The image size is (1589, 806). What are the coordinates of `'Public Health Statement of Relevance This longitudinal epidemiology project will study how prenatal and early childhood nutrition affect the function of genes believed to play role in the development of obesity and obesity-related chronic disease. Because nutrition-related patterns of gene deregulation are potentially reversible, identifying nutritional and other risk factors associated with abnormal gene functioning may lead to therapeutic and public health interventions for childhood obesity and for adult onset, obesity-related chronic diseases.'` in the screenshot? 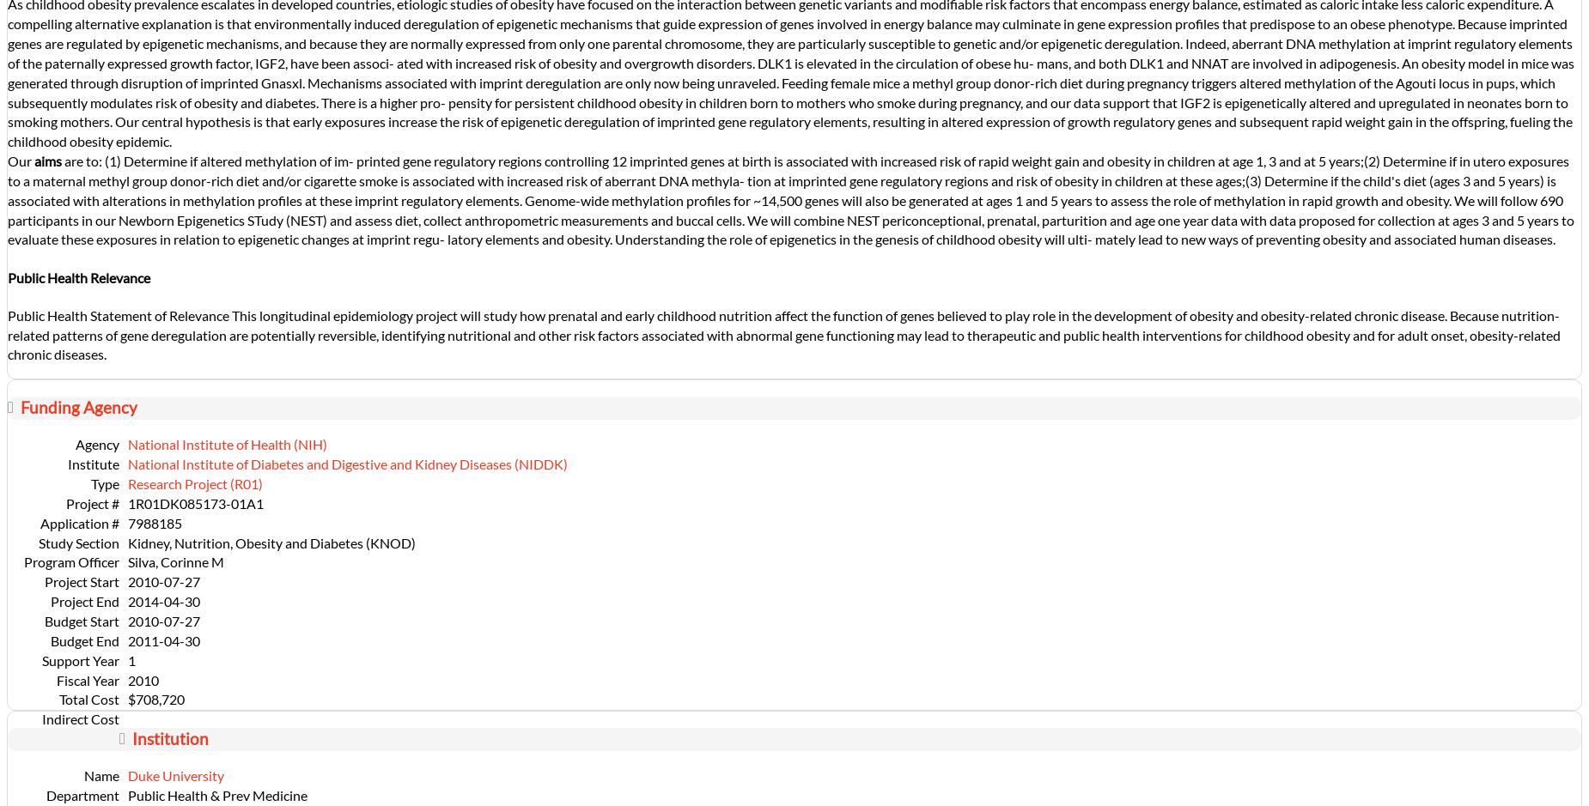 It's located at (7, 334).